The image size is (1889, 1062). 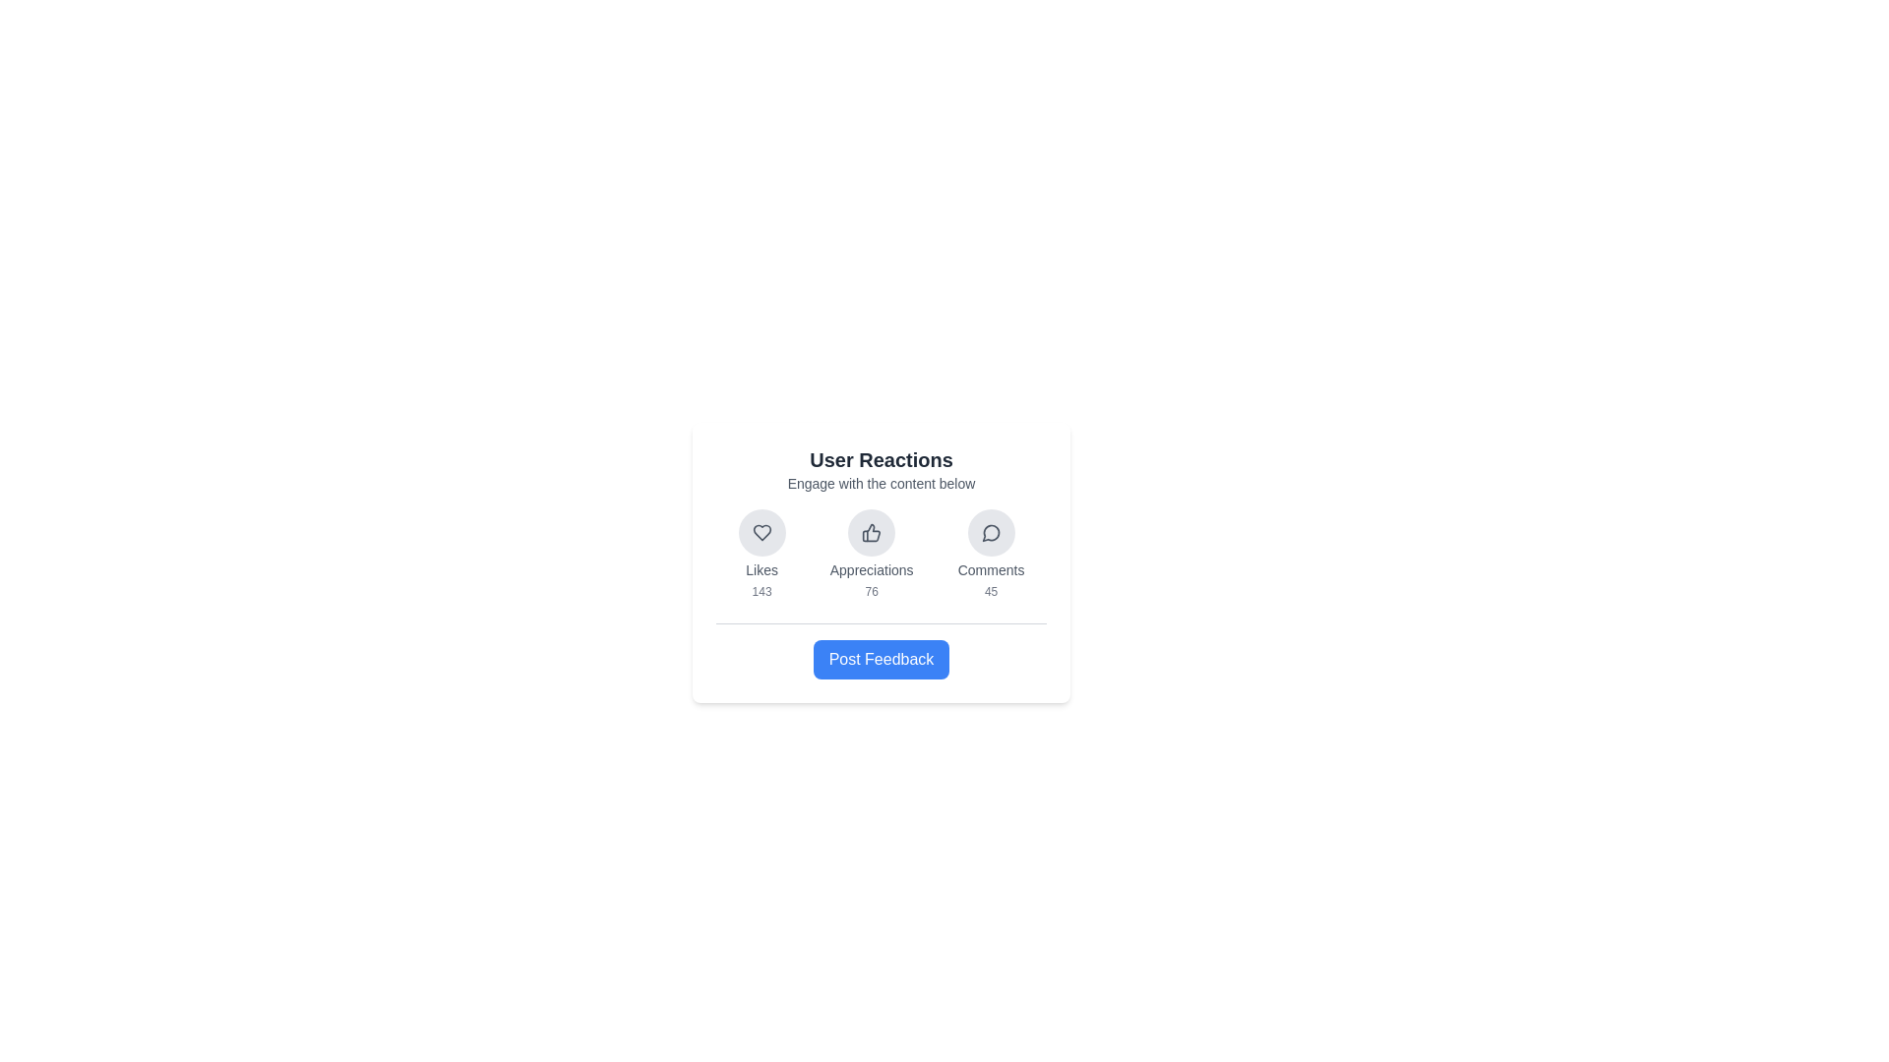 What do you see at coordinates (991, 554) in the screenshot?
I see `the circular button with a speech bubble icon labeled 'Comments'` at bounding box center [991, 554].